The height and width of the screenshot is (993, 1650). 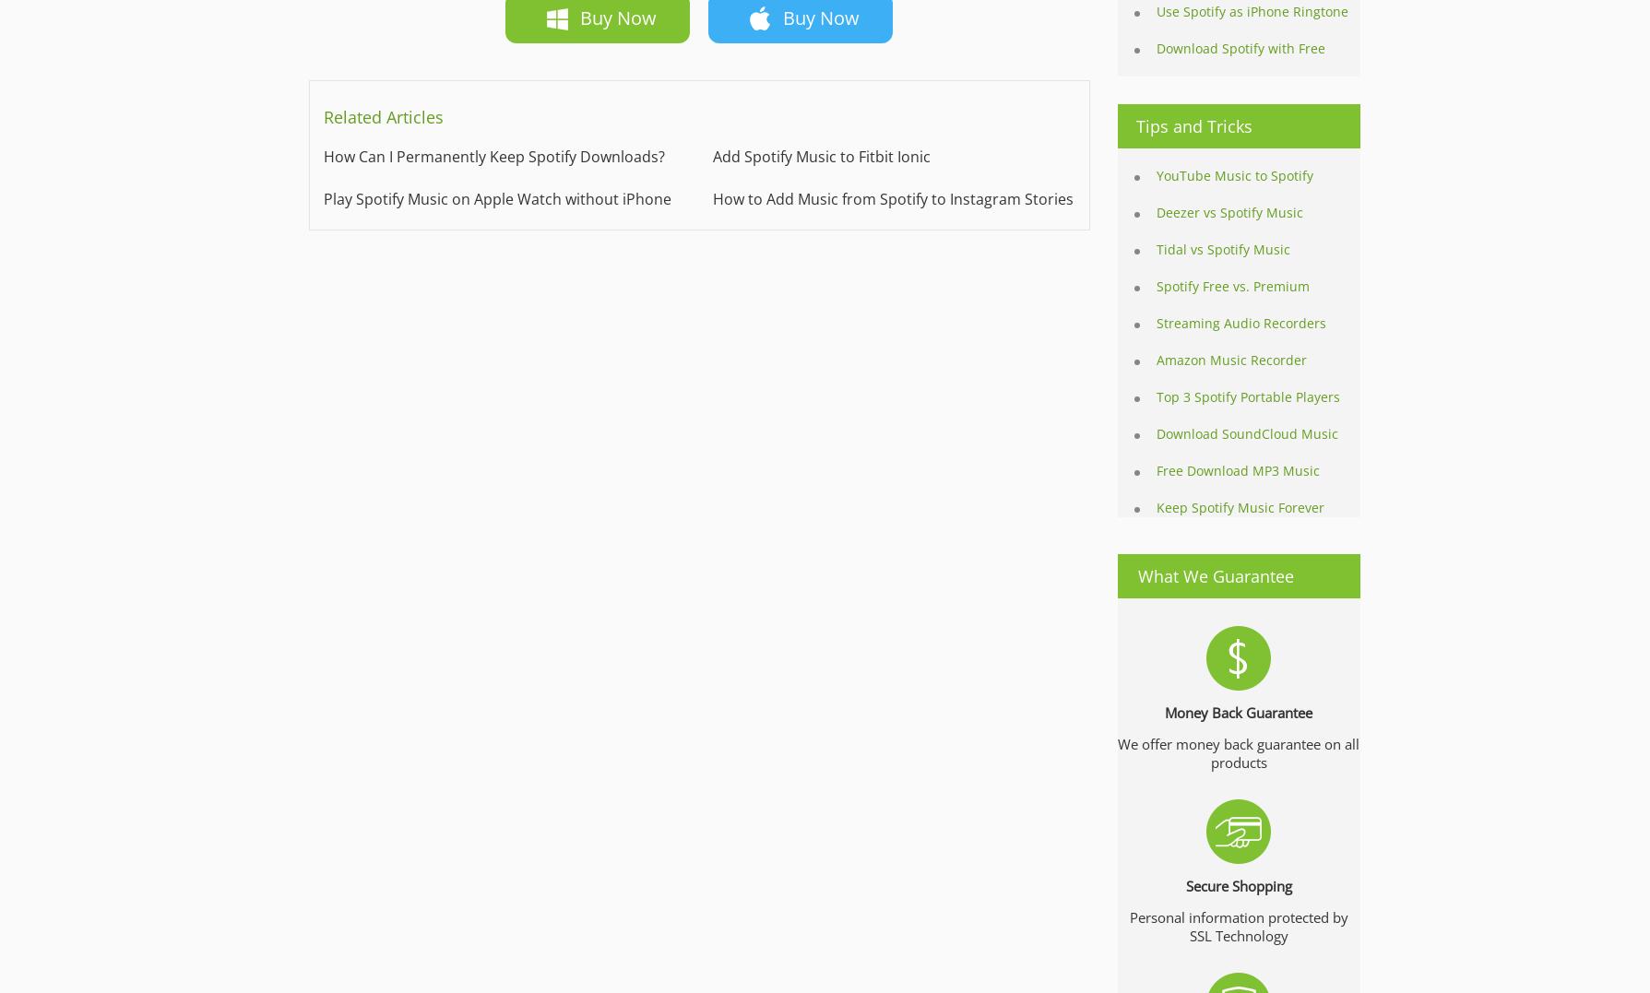 I want to click on 'Keep Spotify Music Forever', so click(x=1240, y=507).